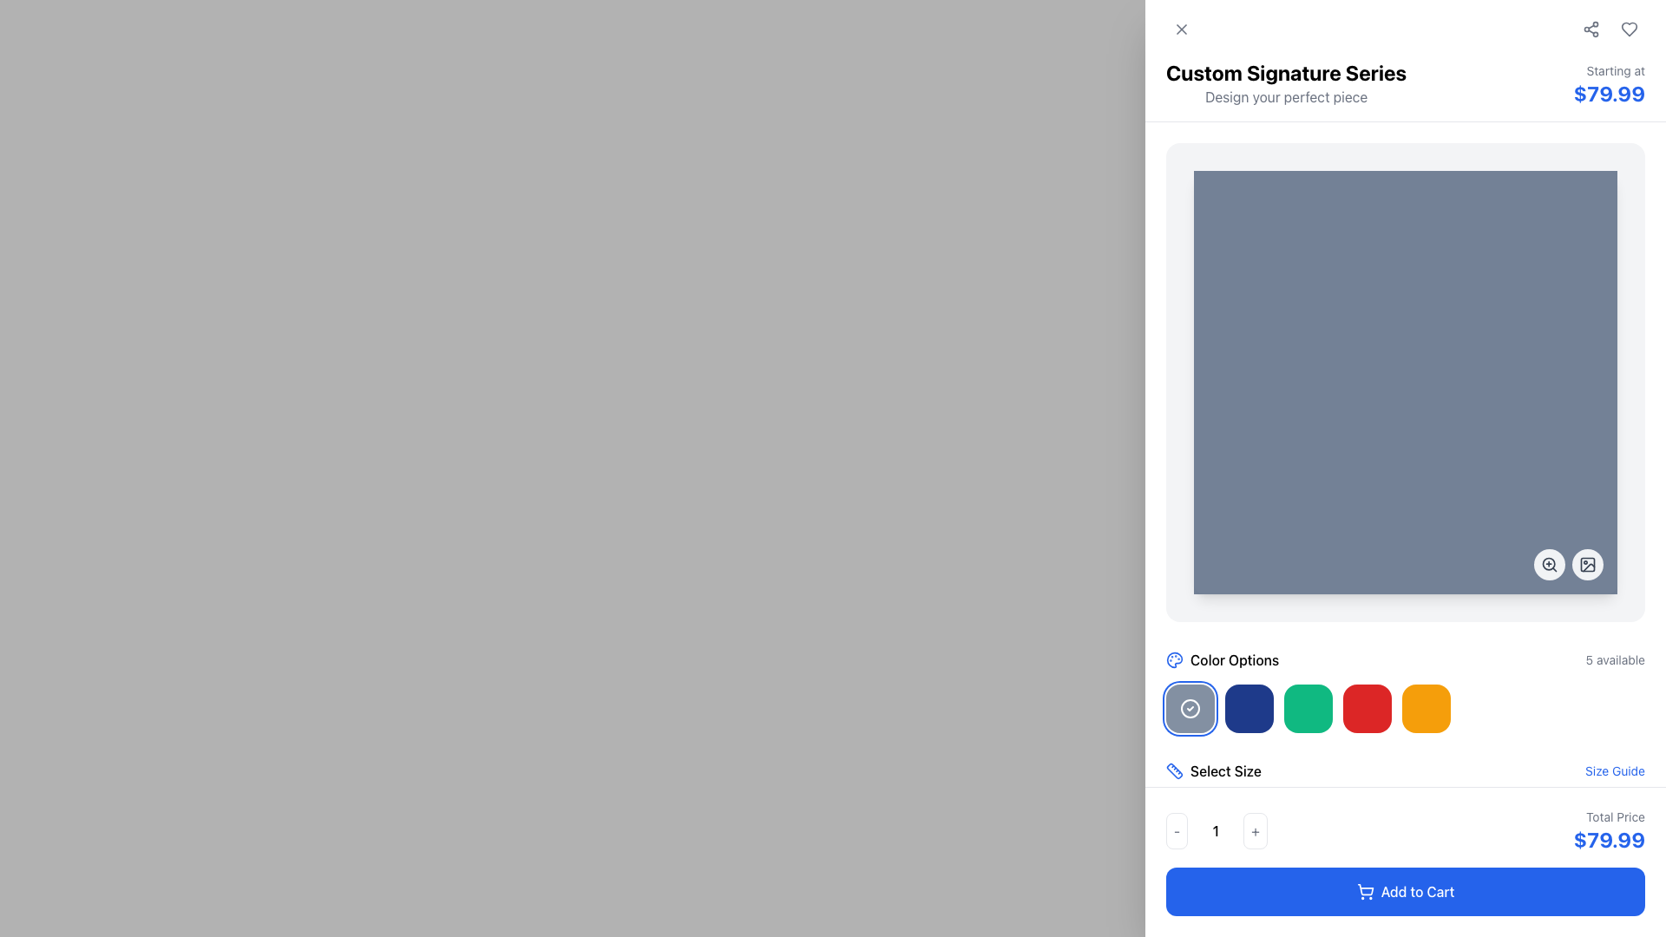 The width and height of the screenshot is (1666, 937). Describe the element at coordinates (1224, 770) in the screenshot. I see `the text label displaying 'Select Size' located next to a blue ruler icon in the 'Color Options' area` at that location.